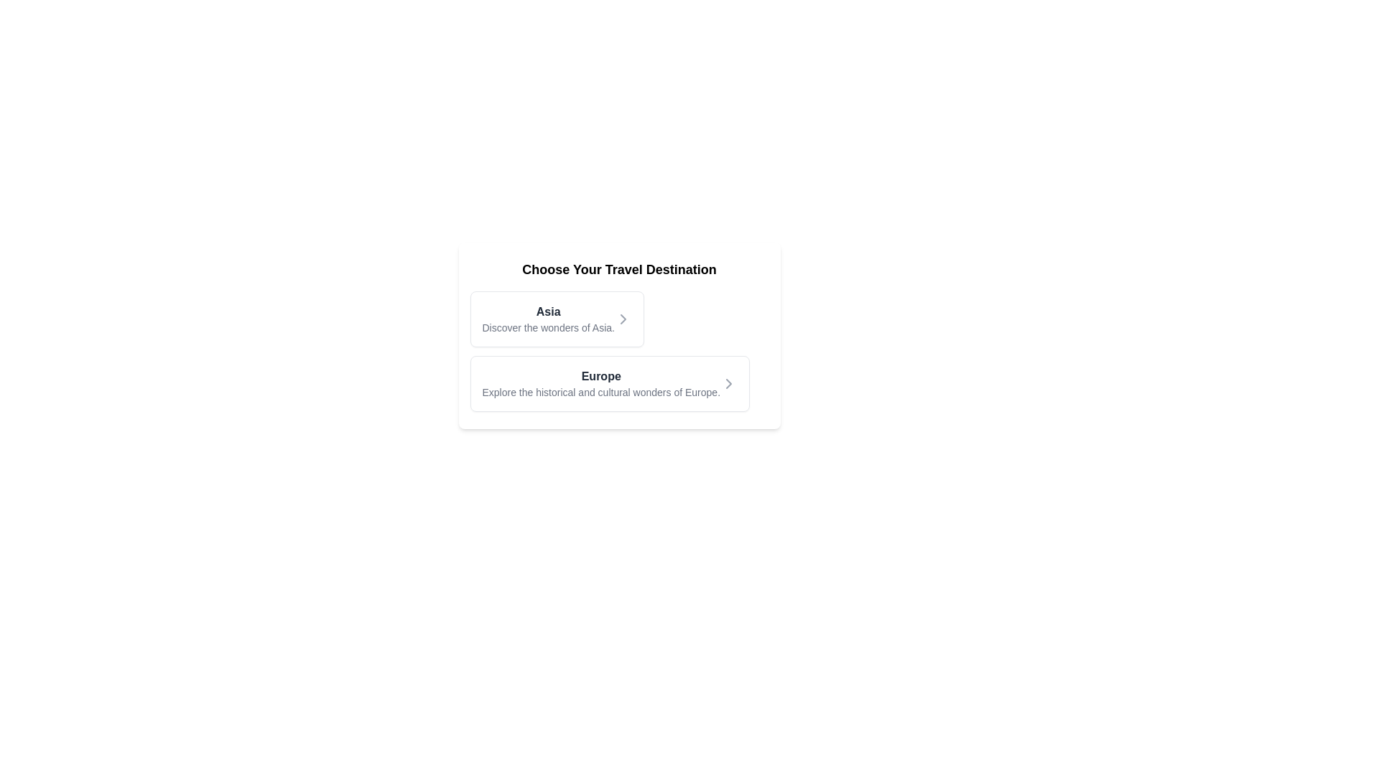 The width and height of the screenshot is (1379, 775). I want to click on the descriptive text label for the travel destination 'Asia', which is located immediately below the title text 'Asia' and above the arrow icon for navigation, so click(547, 327).